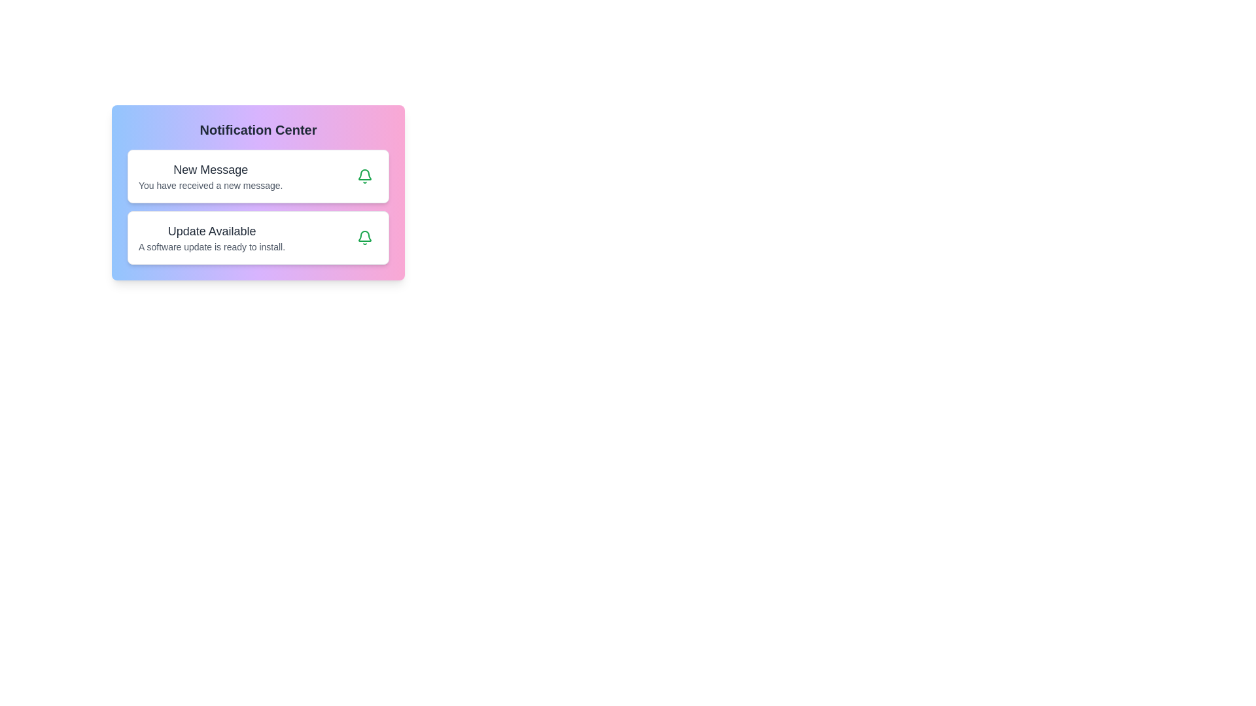  I want to click on the 'New Message' text label, which is styled with a medium-weighted larger font in dark gray color and is positioned at the top of its notification card layout, so click(211, 169).